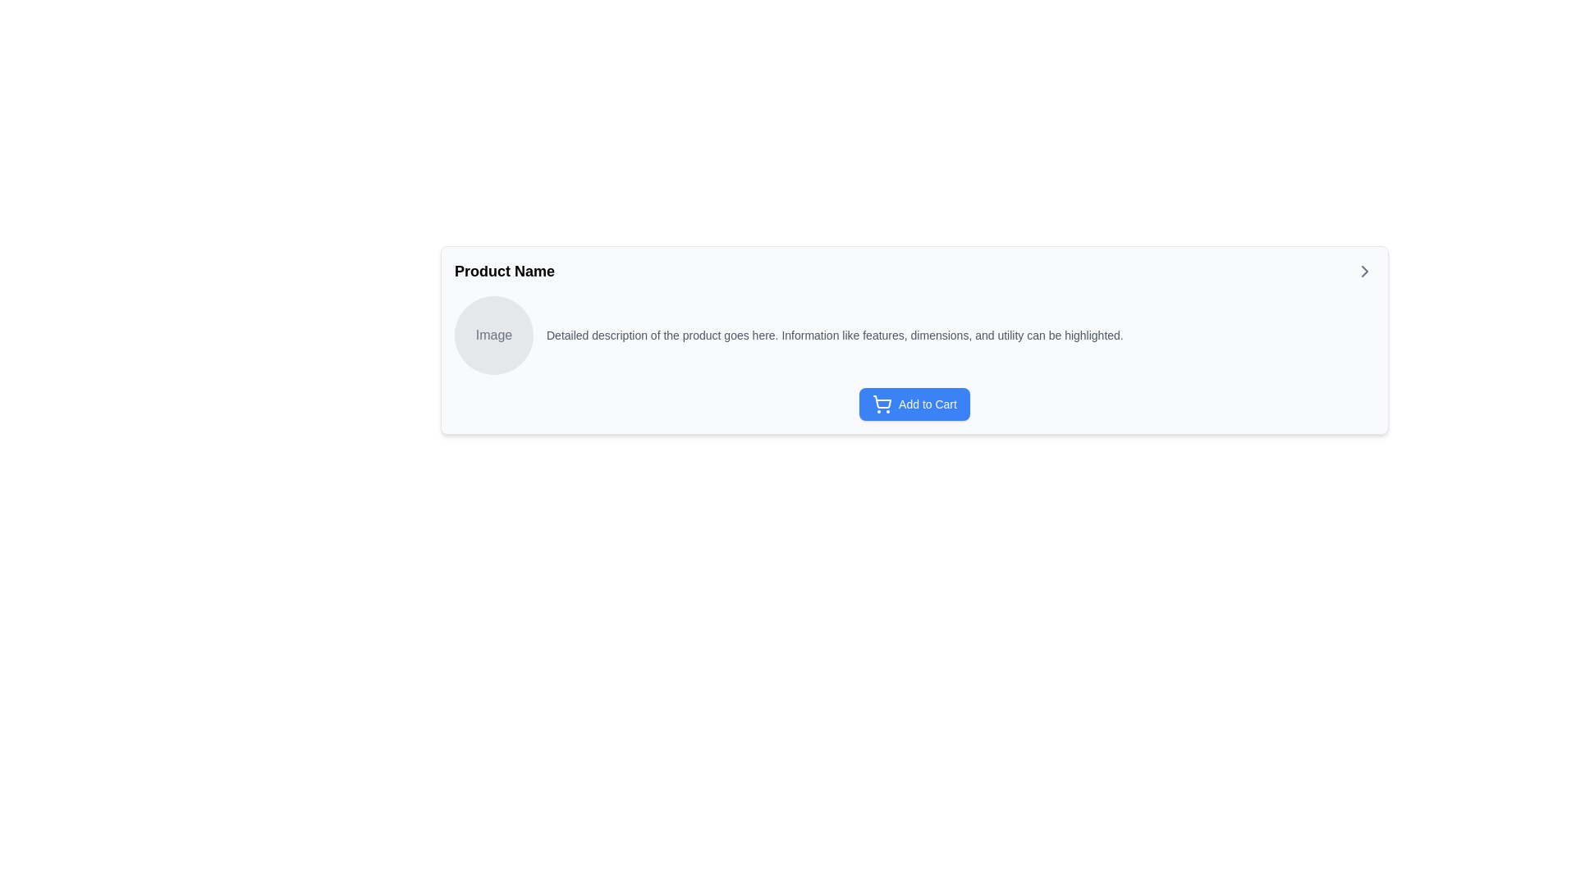  I want to click on the blue button labeled 'Add to Cart' that contains a shopping cart icon positioned to the left of the text label, so click(882, 404).